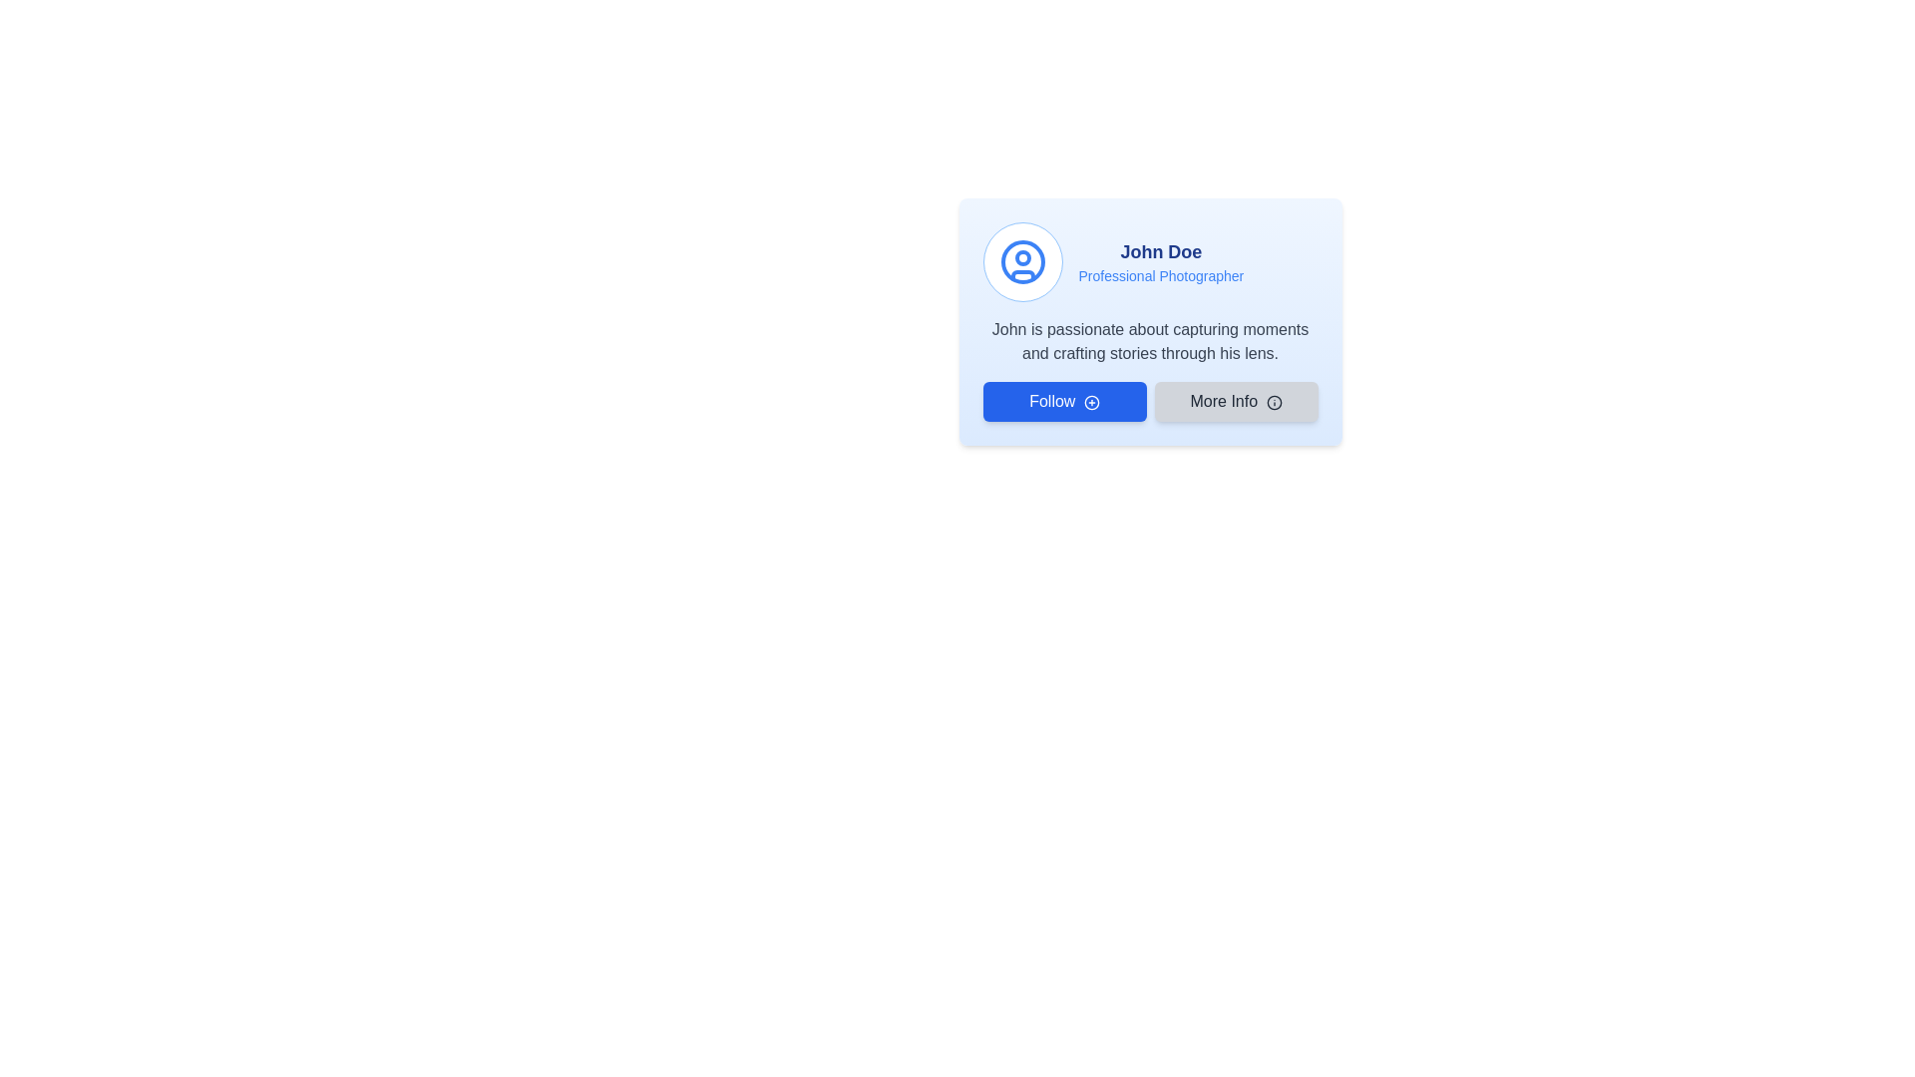  I want to click on the circular outline styled as part of the 'Follow' button's graphical icon component, which is positioned centrally within the button and has a thin stroke, so click(1090, 402).